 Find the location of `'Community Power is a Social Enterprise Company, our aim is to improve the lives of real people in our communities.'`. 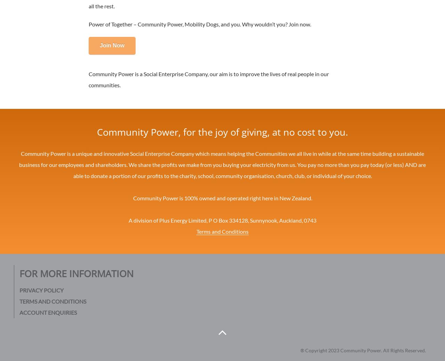

'Community Power is a Social Enterprise Company, our aim is to improve the lives of real people in our communities.' is located at coordinates (208, 79).